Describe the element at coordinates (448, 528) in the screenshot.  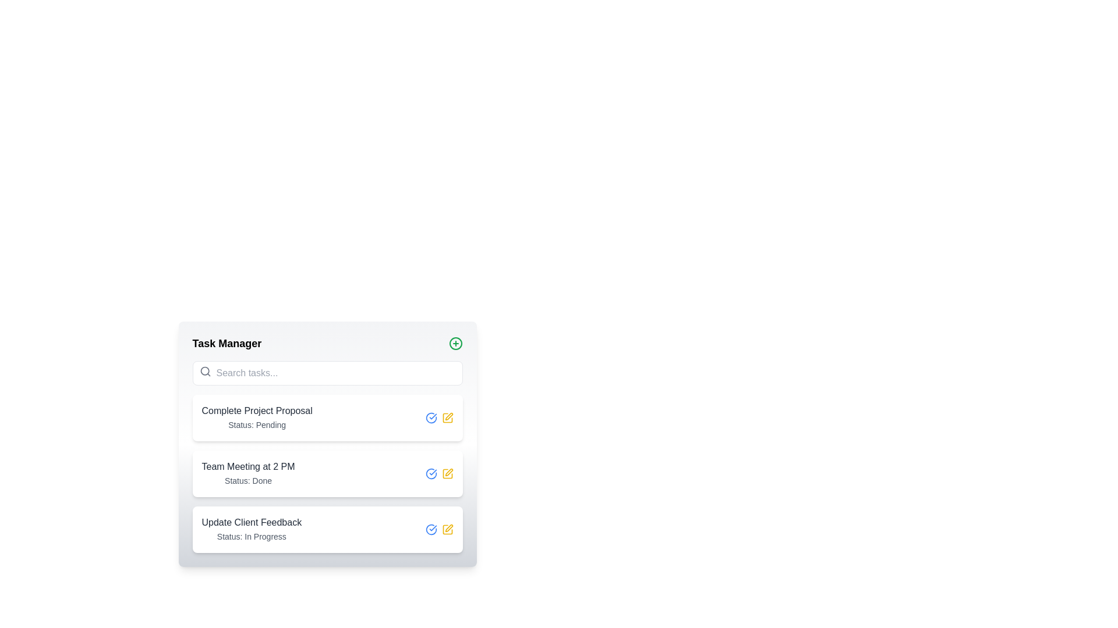
I see `the edit icon located on the far right of the 'Update Client Feedback' row to initiate editing` at that location.